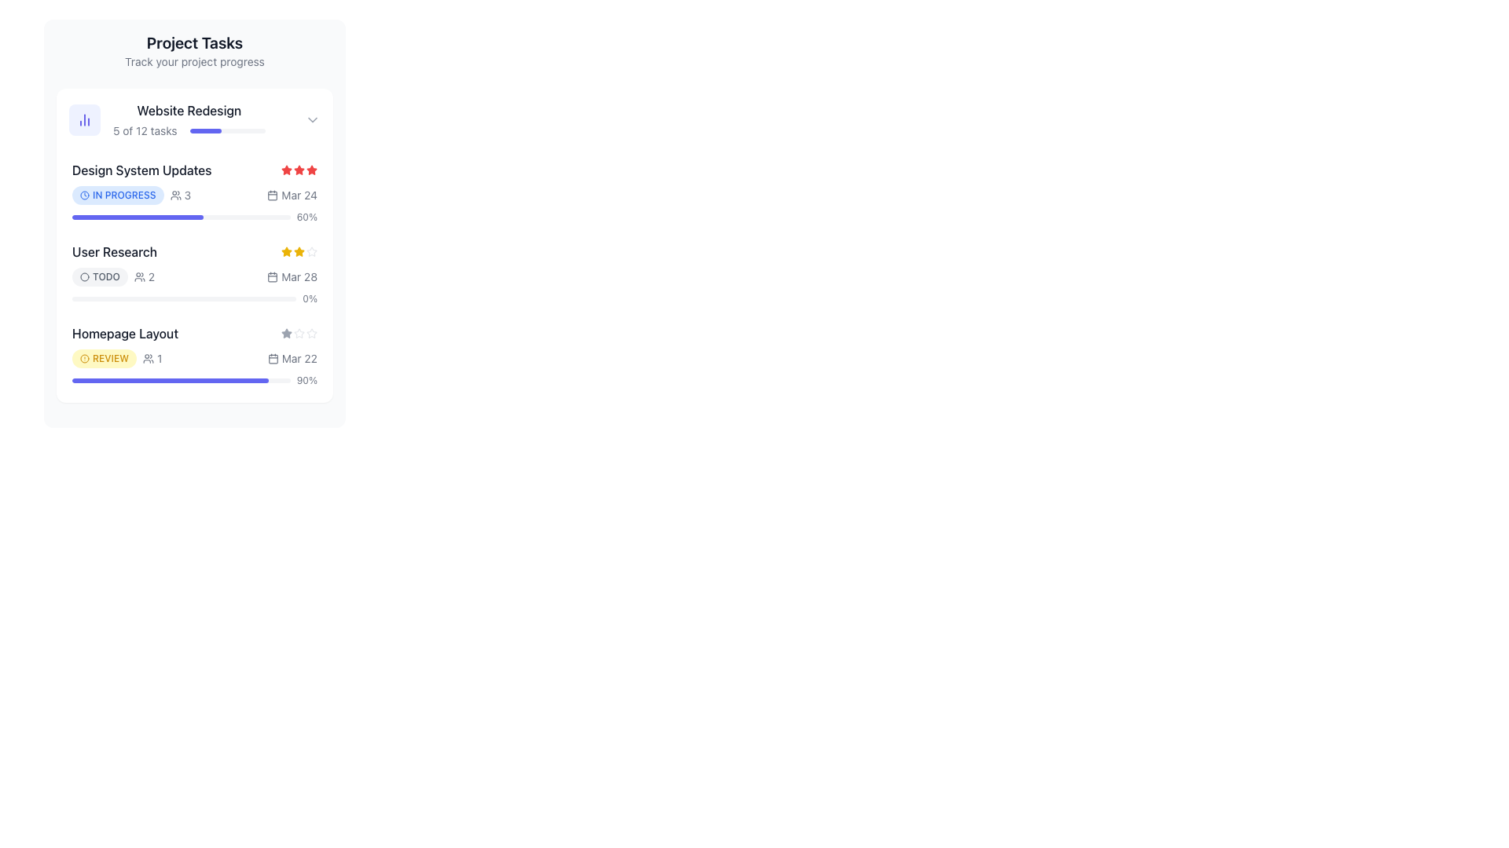  Describe the element at coordinates (84, 195) in the screenshot. I see `the SVG circle graphic that serves as a decorative component within the clock icon, adjacent to the text 'Mar 24' and 'Design System Updates'` at that location.